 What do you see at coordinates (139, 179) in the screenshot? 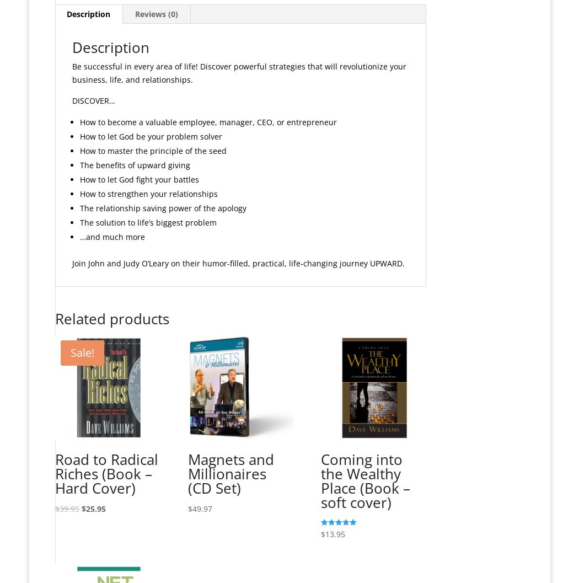
I see `'How to let God fight your battles'` at bounding box center [139, 179].